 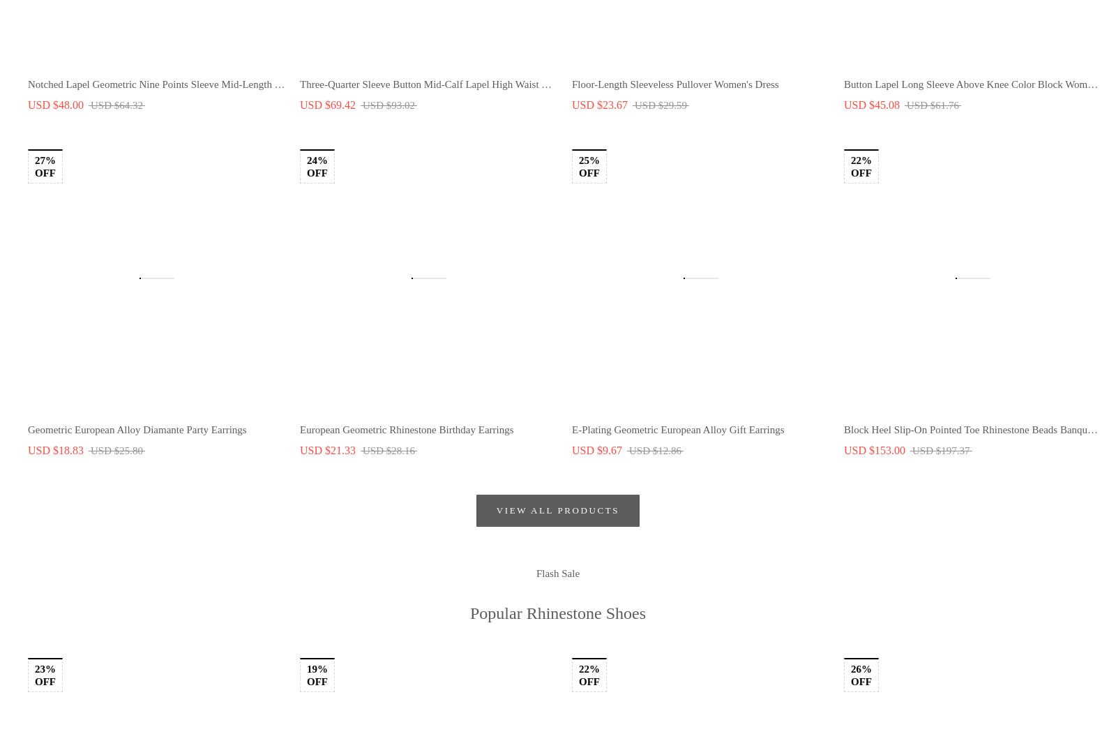 What do you see at coordinates (437, 272) in the screenshot?
I see `'Newsletter'` at bounding box center [437, 272].